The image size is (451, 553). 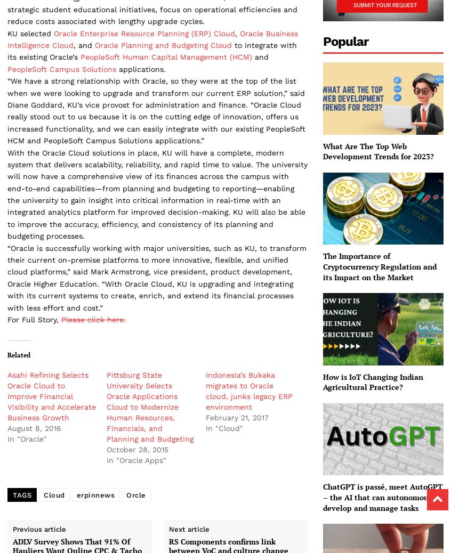 What do you see at coordinates (80, 56) in the screenshot?
I see `'PeopleSoft Human Capital Management (HCM)'` at bounding box center [80, 56].